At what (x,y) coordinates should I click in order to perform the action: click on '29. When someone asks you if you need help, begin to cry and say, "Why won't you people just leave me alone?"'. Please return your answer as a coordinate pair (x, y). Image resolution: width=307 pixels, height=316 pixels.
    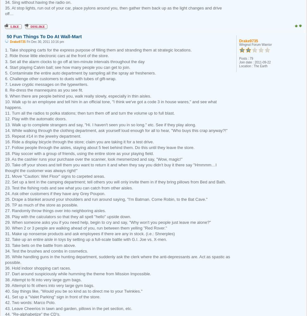
    Looking at the image, I should click on (5, 222).